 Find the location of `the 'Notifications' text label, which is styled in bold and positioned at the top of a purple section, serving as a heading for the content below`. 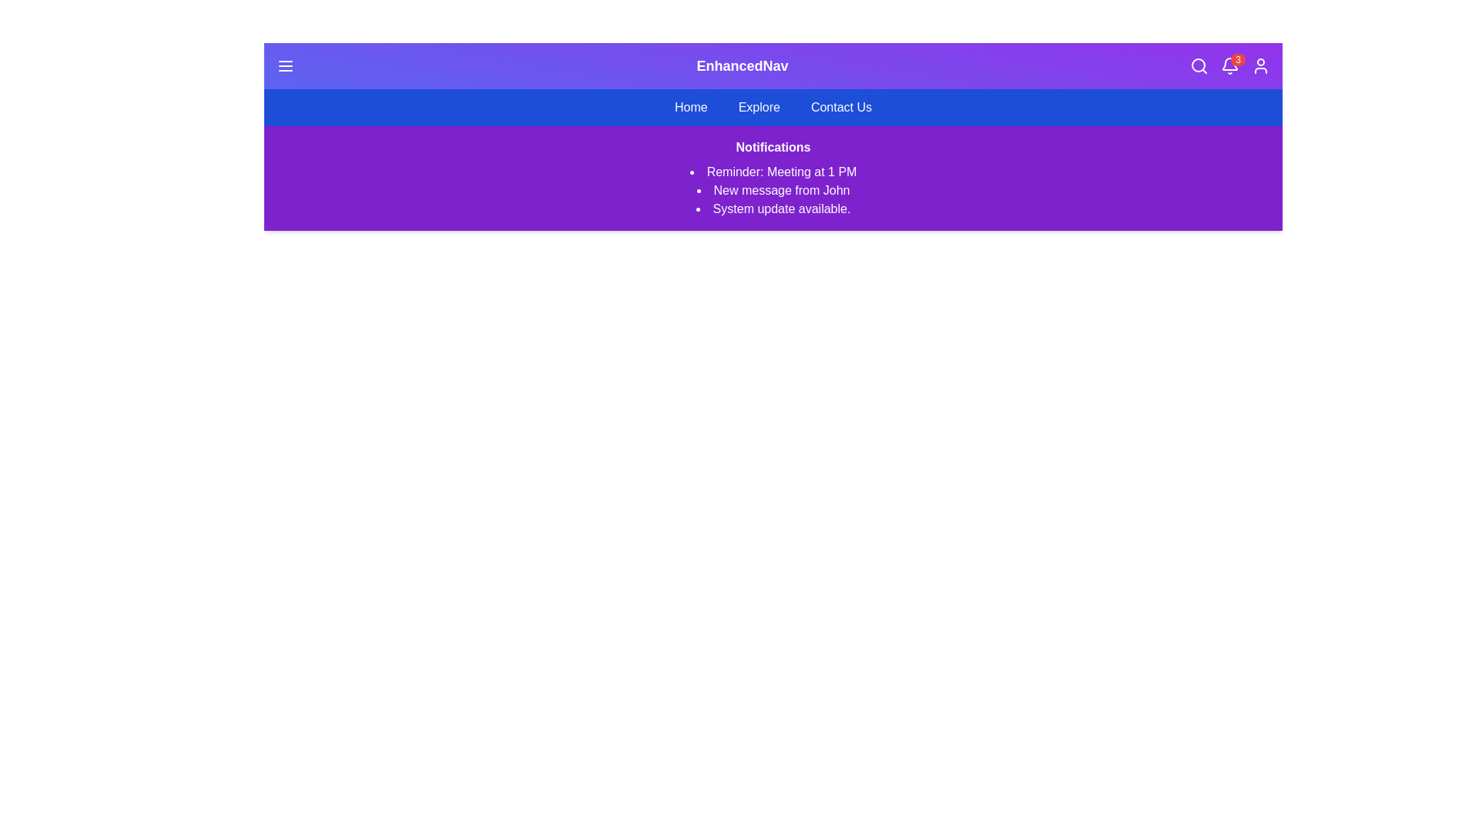

the 'Notifications' text label, which is styled in bold and positioned at the top of a purple section, serving as a heading for the content below is located at coordinates (773, 148).